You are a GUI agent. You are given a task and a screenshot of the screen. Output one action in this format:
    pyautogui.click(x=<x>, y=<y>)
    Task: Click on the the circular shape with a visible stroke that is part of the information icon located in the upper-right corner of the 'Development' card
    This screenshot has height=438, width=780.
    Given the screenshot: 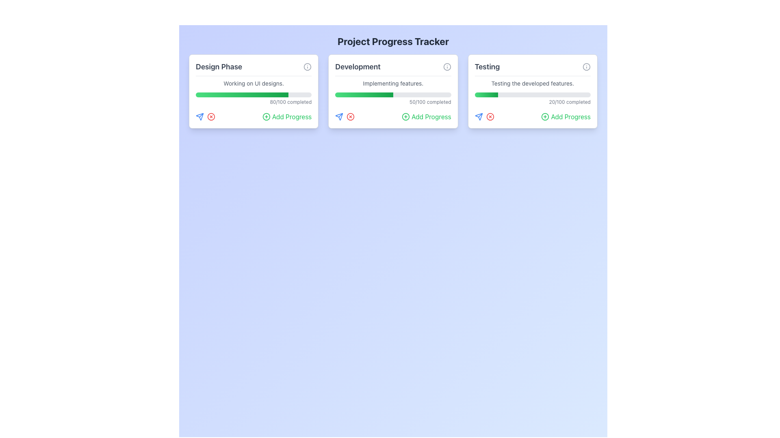 What is the action you would take?
    pyautogui.click(x=307, y=67)
    